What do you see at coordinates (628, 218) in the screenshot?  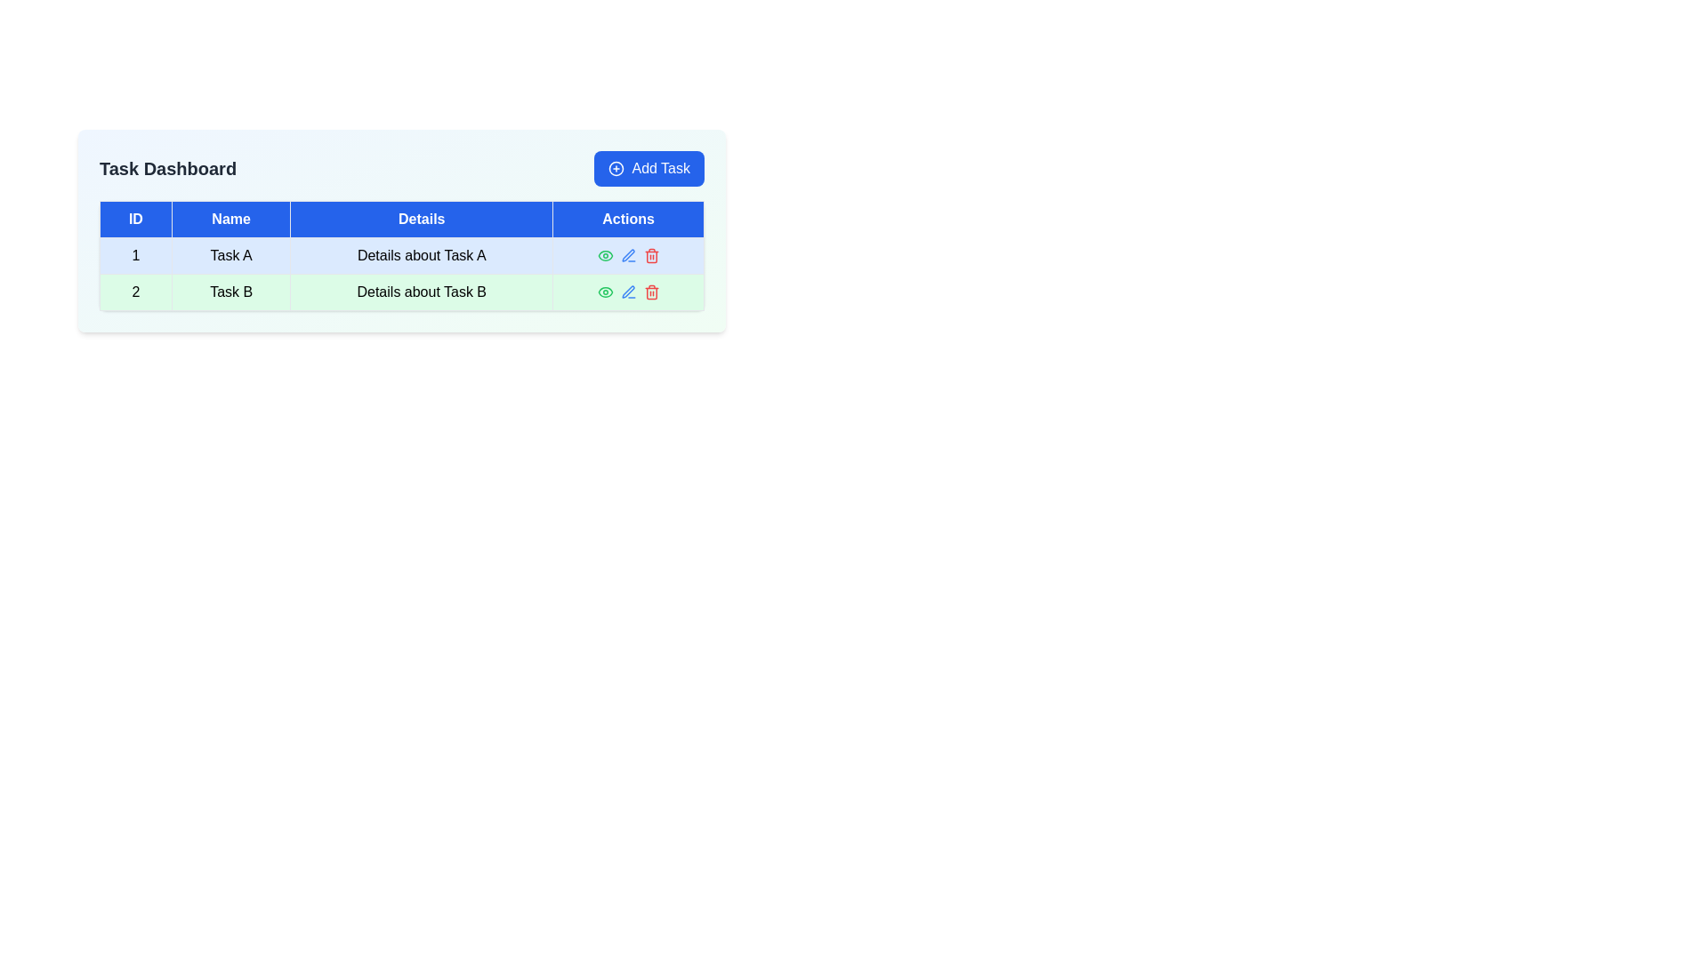 I see `the static text label serving as the column header for the 'Actions' section in the table, which is located at the rightmost side of the header row` at bounding box center [628, 218].